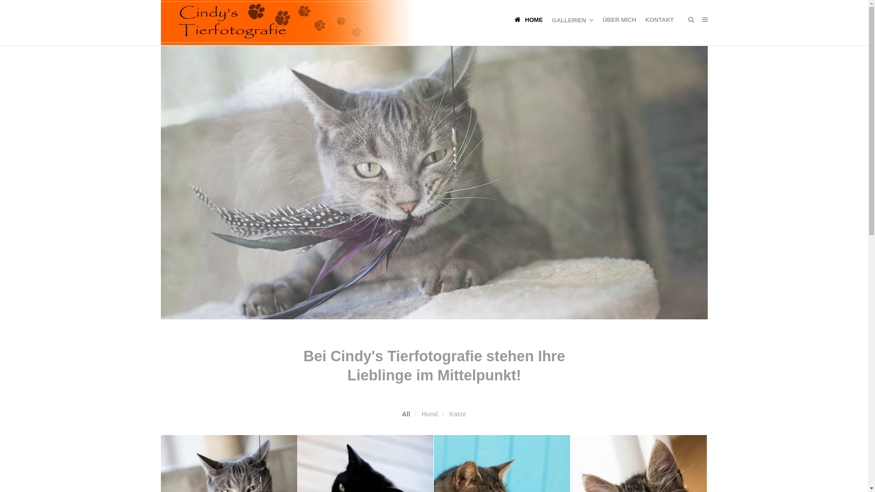 The width and height of the screenshot is (875, 492). What do you see at coordinates (429, 414) in the screenshot?
I see `'Hund'` at bounding box center [429, 414].